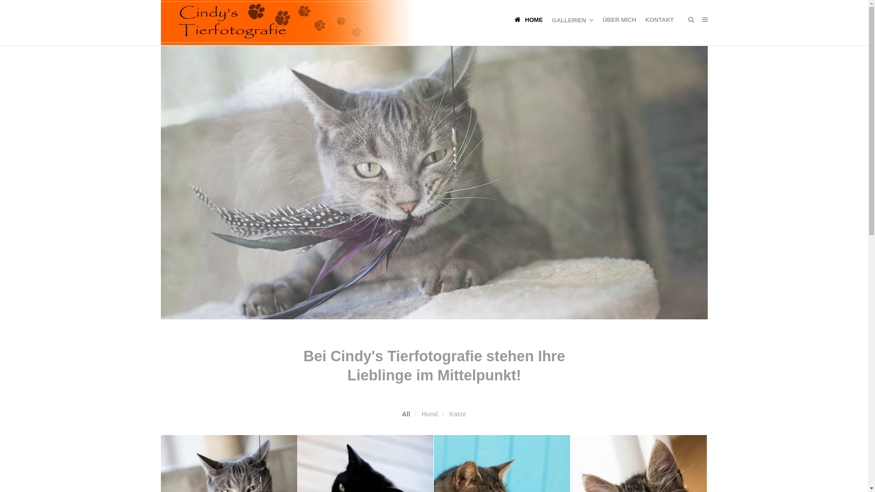 The width and height of the screenshot is (875, 492). What do you see at coordinates (429, 414) in the screenshot?
I see `'Hund'` at bounding box center [429, 414].